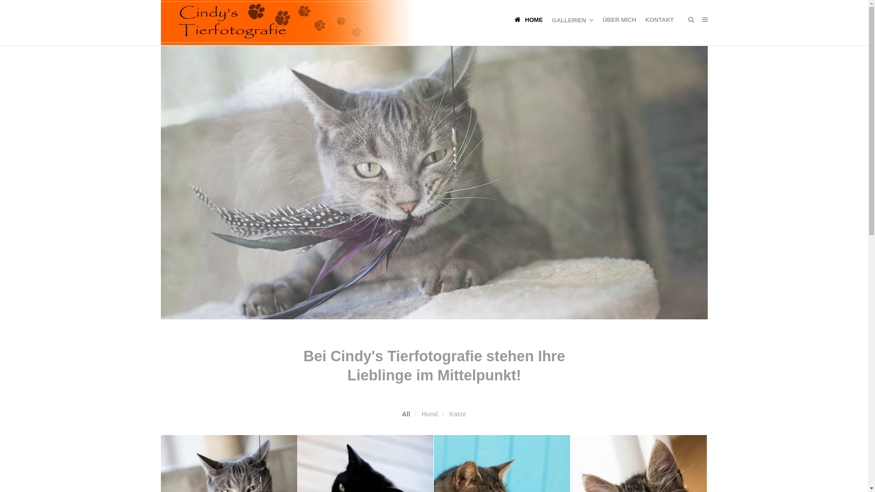 The width and height of the screenshot is (875, 492). What do you see at coordinates (429, 414) in the screenshot?
I see `'Hund'` at bounding box center [429, 414].